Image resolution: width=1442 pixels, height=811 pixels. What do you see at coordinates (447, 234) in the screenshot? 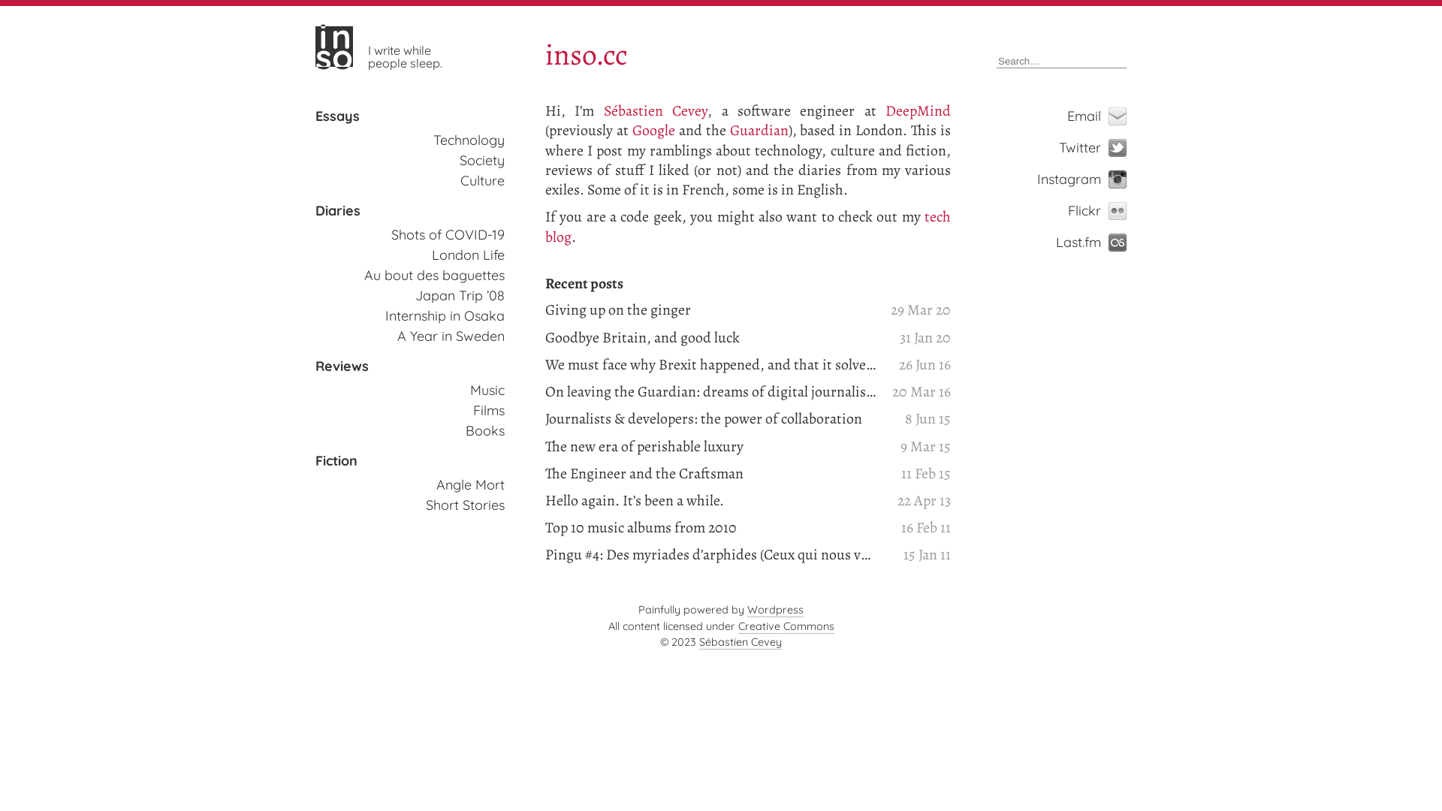
I see `'Shots of COVID-19'` at bounding box center [447, 234].